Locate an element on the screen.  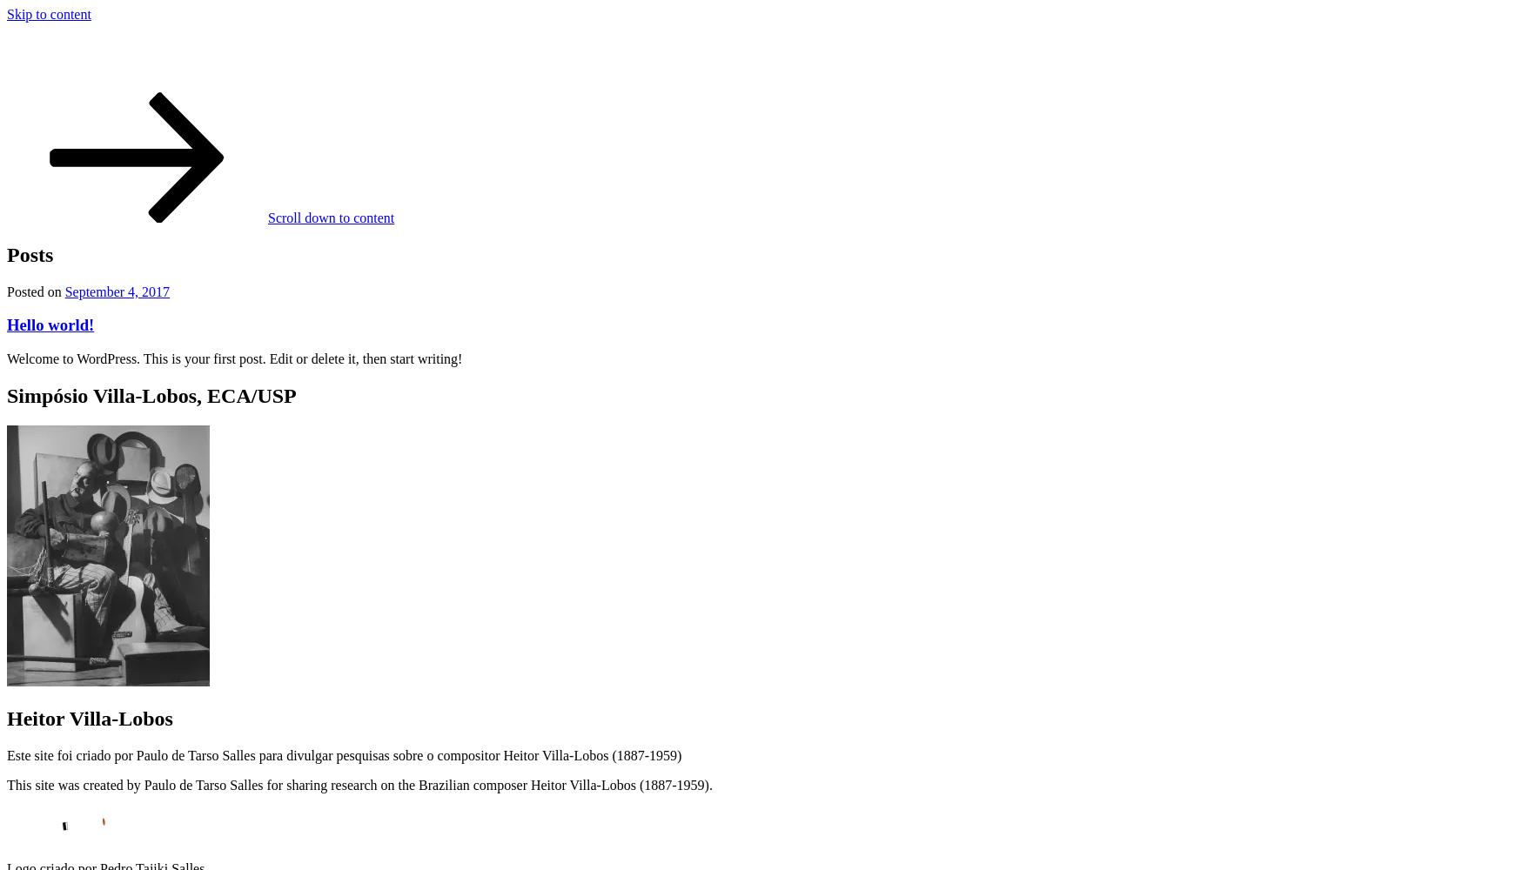
'Simpósio Villa-Lobos' is located at coordinates (131, 56).